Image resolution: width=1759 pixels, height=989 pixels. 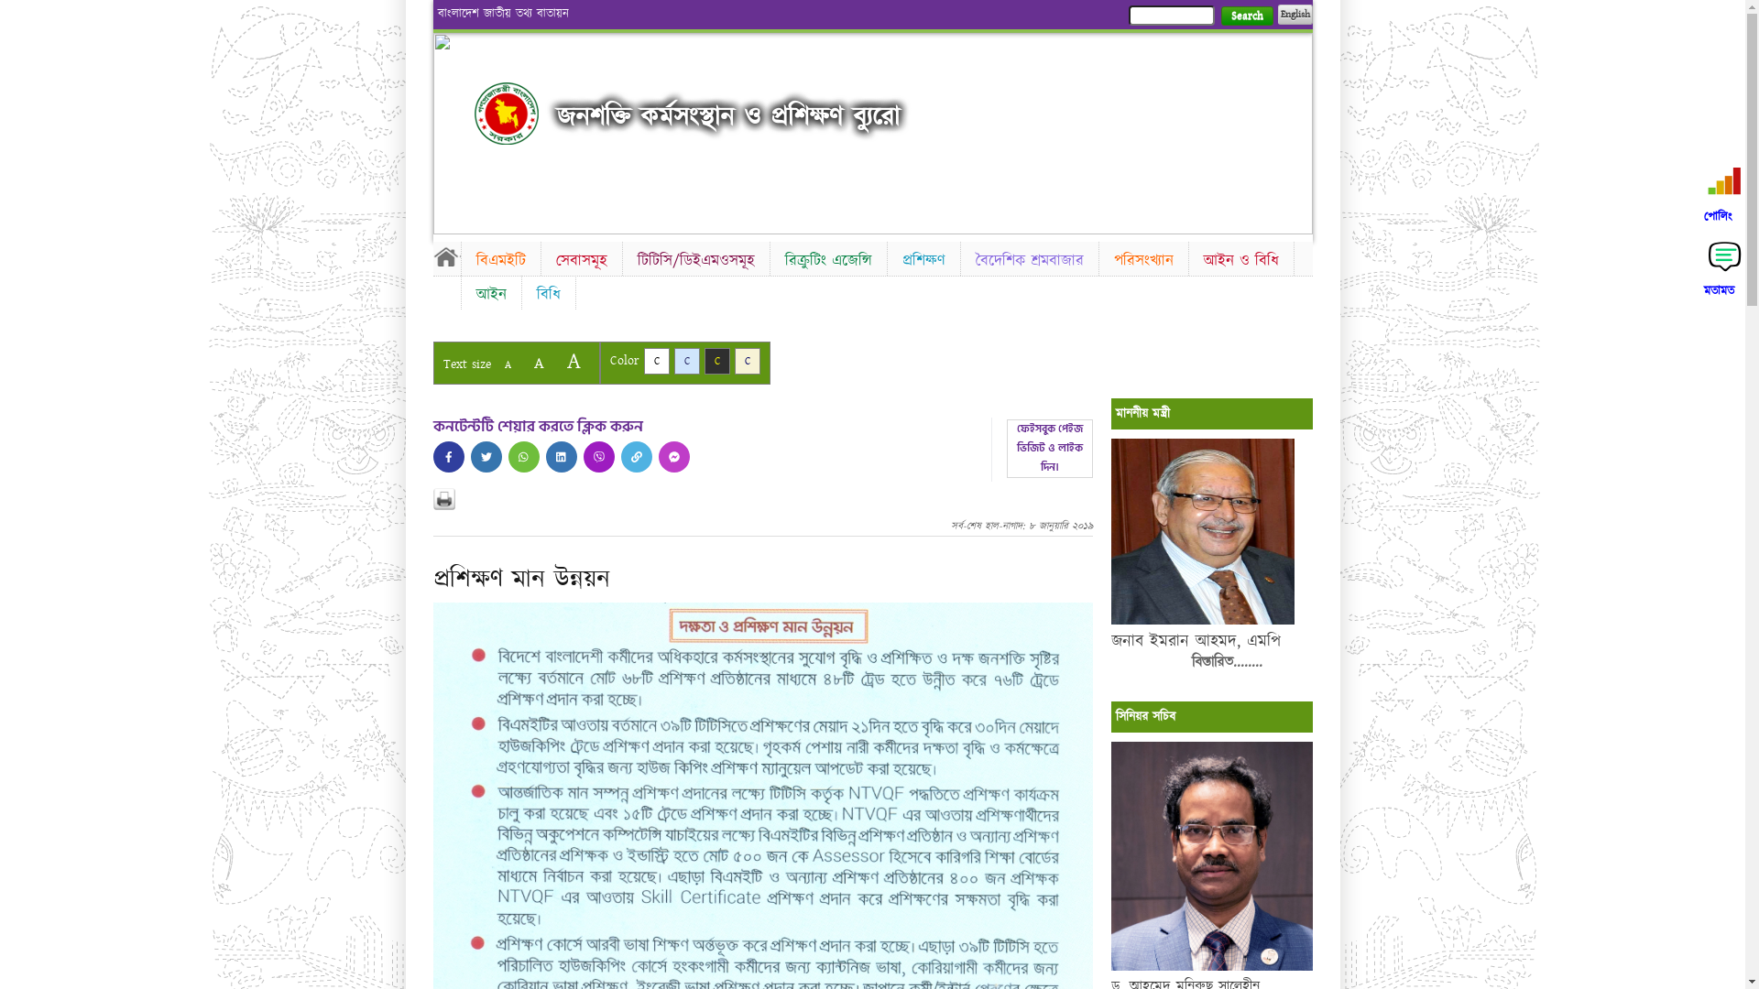 I want to click on 'Home', so click(x=475, y=113).